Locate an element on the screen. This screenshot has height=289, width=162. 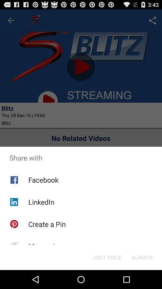
the messaging item is located at coordinates (45, 246).